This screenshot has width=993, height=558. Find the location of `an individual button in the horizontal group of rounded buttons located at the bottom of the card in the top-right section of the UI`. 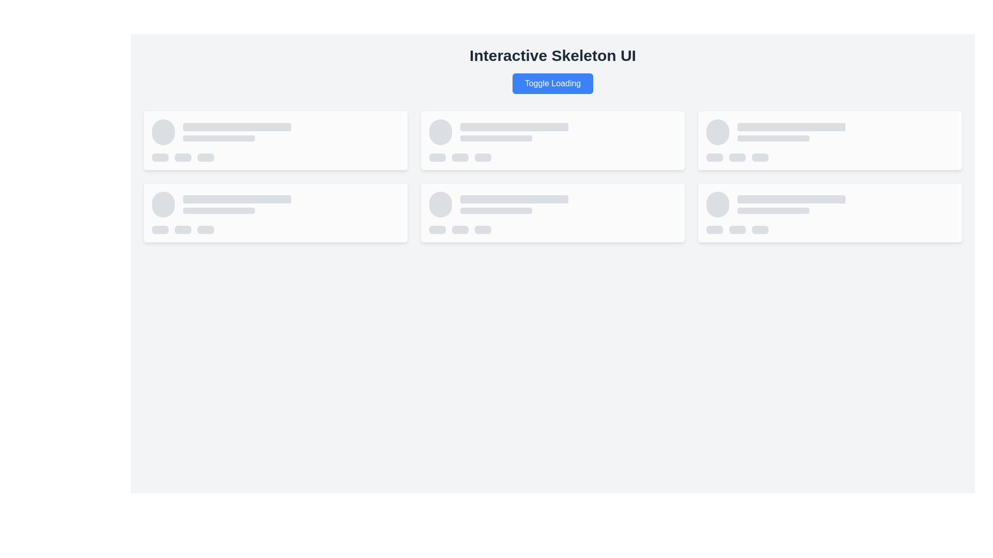

an individual button in the horizontal group of rounded buttons located at the bottom of the card in the top-right section of the UI is located at coordinates (552, 157).